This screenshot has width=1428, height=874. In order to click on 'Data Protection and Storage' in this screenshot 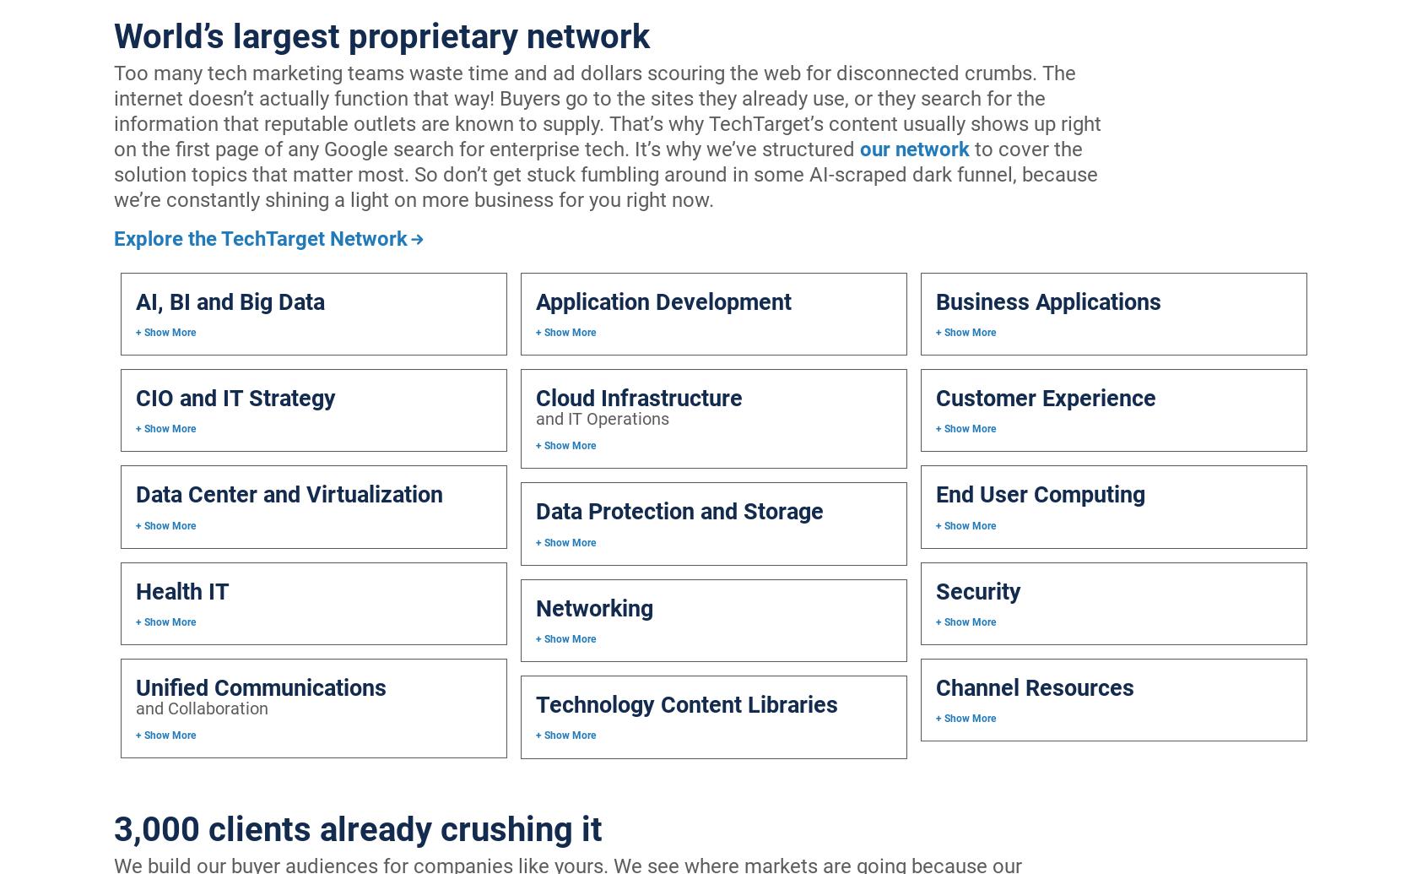, I will do `click(679, 510)`.